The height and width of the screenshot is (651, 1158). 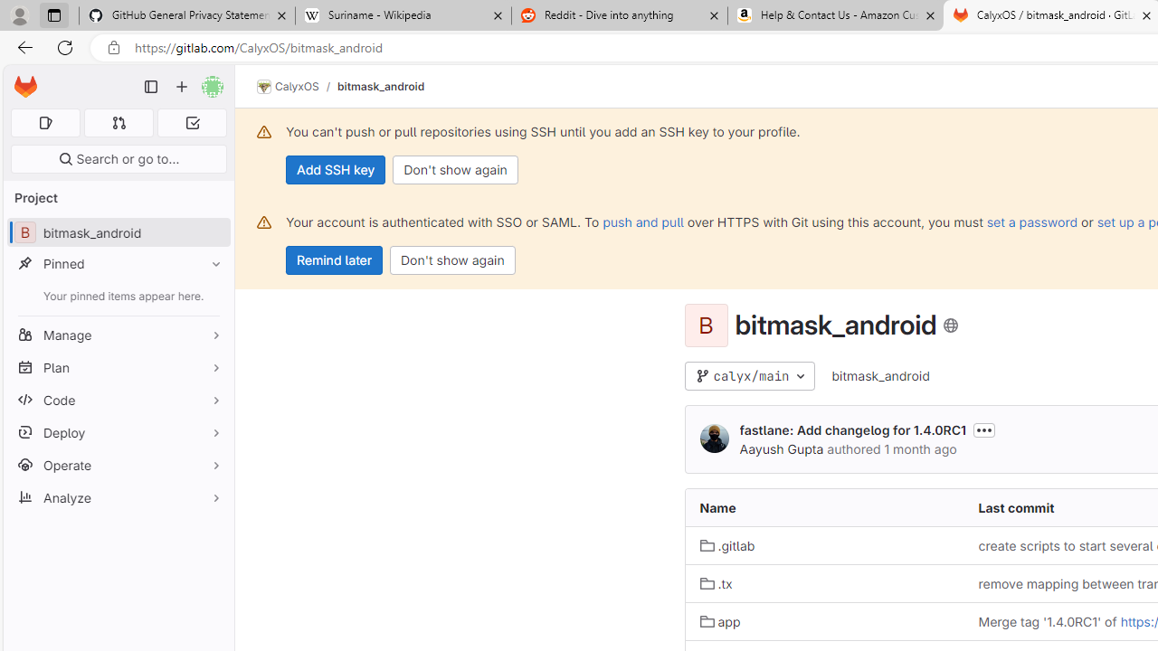 I want to click on 'Class: s16 icon', so click(x=950, y=325).